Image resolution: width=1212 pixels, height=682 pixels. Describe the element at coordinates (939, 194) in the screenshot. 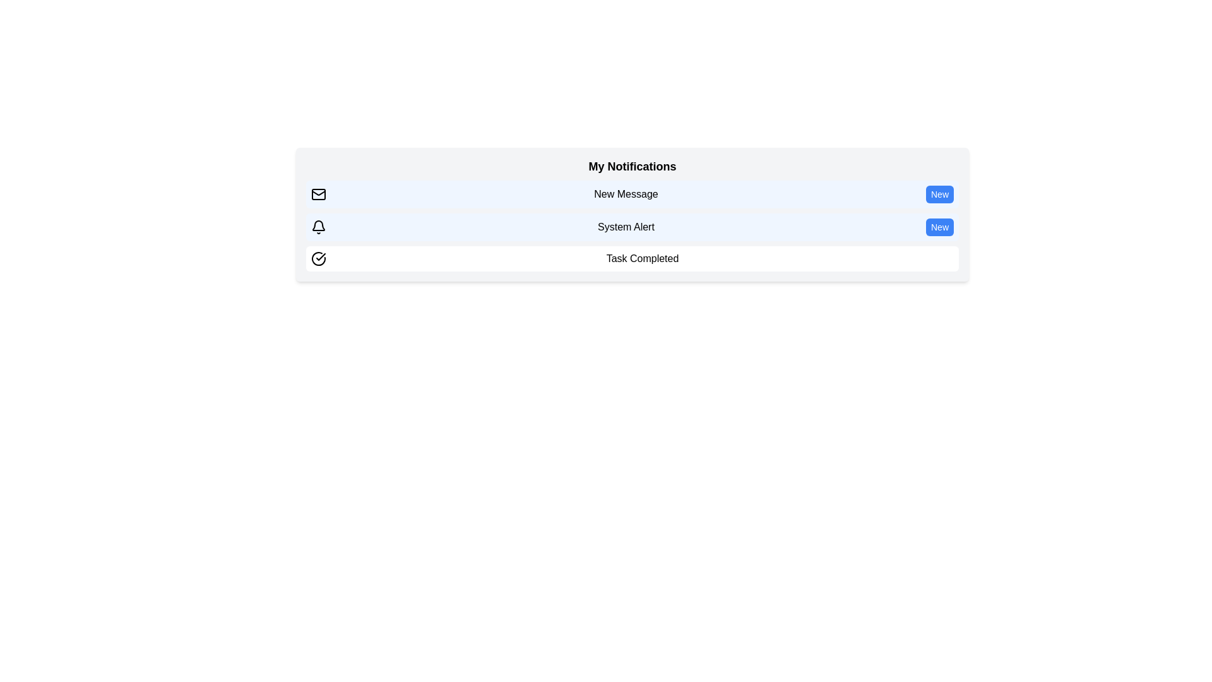

I see `the 'New' label displayed in white font on a blue background, located on the right side of the notification entry` at that location.